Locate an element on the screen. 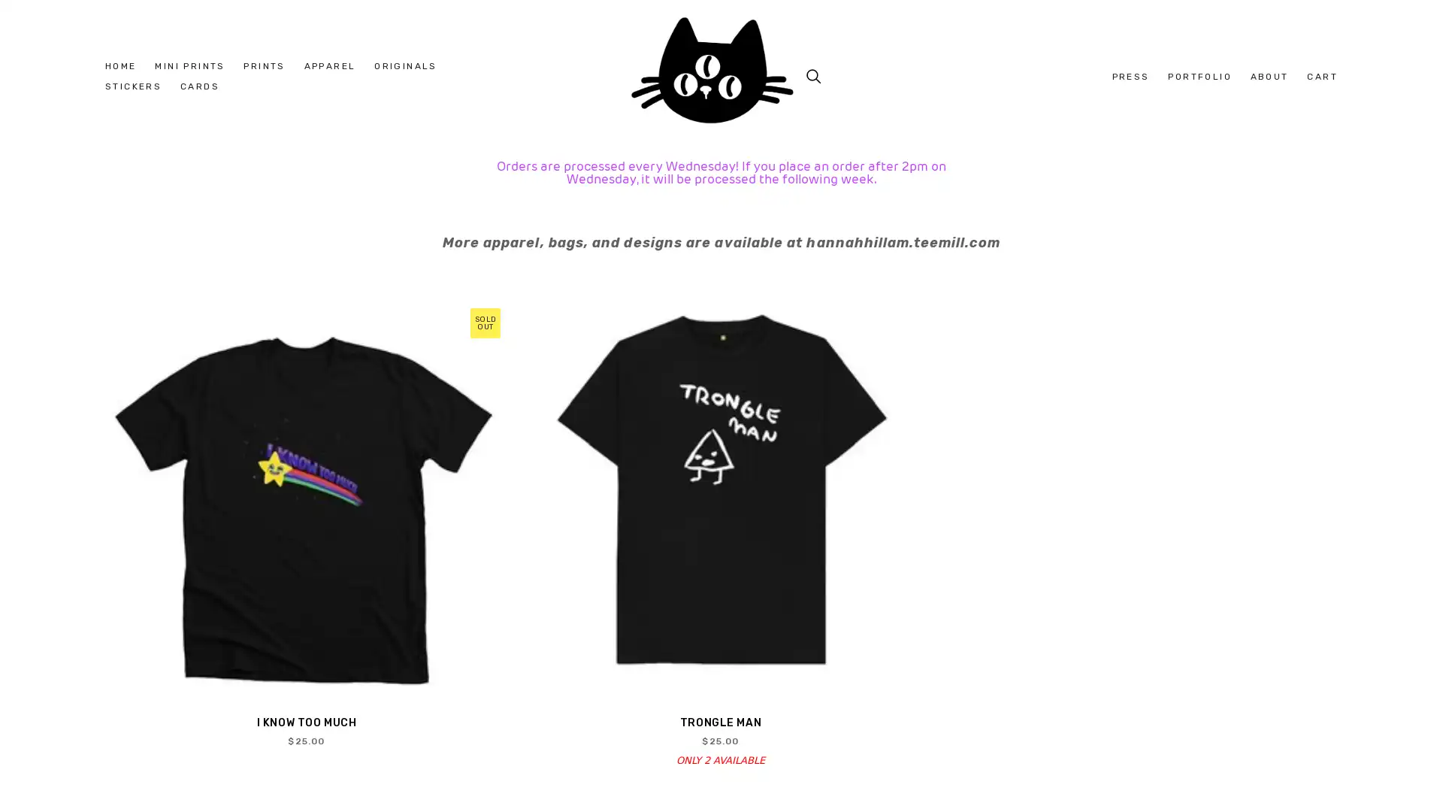  QUICK VIEW is located at coordinates (305, 523).